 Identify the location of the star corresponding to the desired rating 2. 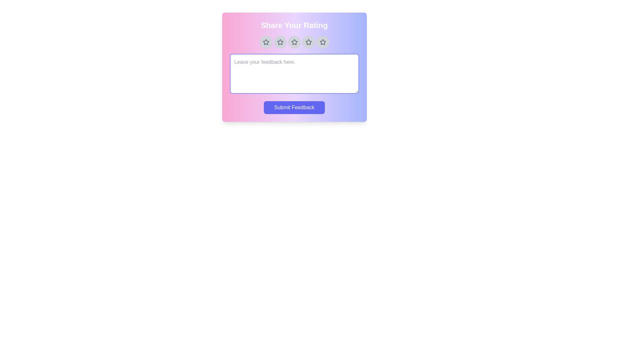
(280, 42).